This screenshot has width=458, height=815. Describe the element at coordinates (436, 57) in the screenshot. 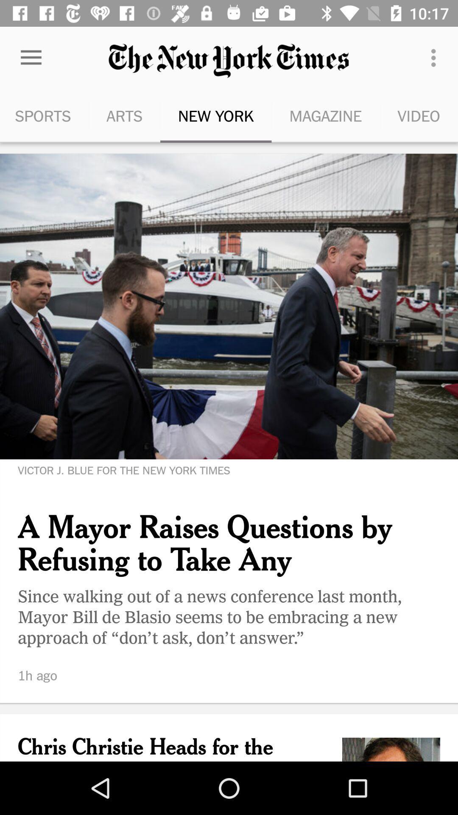

I see `icon above video icon` at that location.